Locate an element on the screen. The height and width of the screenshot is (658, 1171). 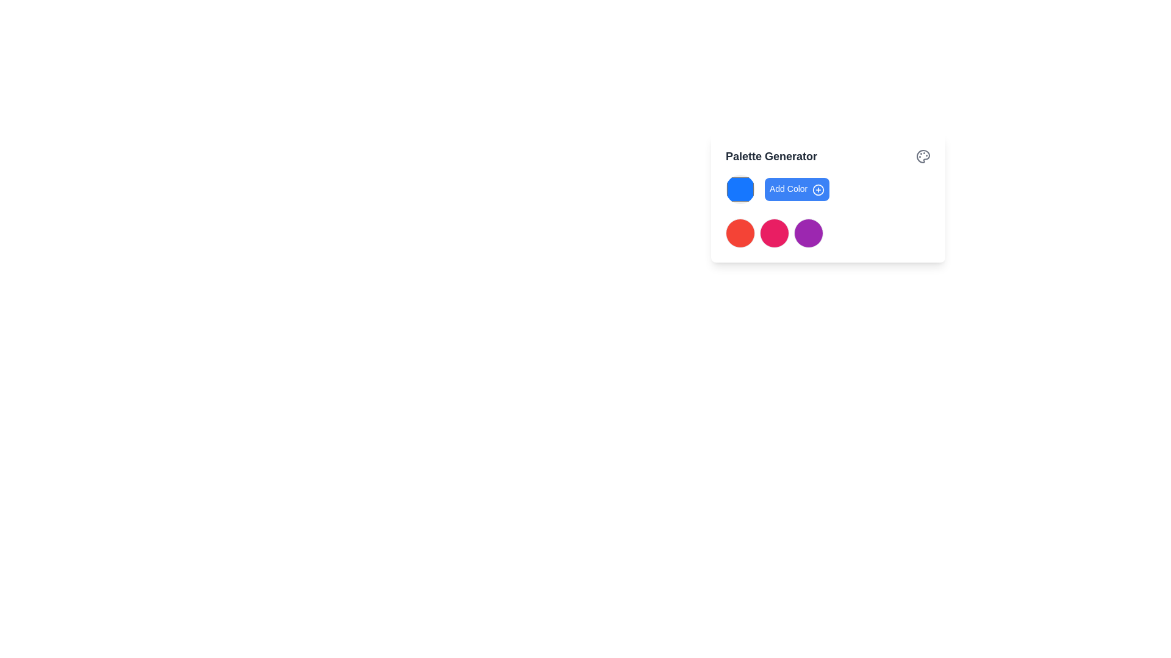
the circular vibrant blue Color Picker Button is located at coordinates (740, 189).